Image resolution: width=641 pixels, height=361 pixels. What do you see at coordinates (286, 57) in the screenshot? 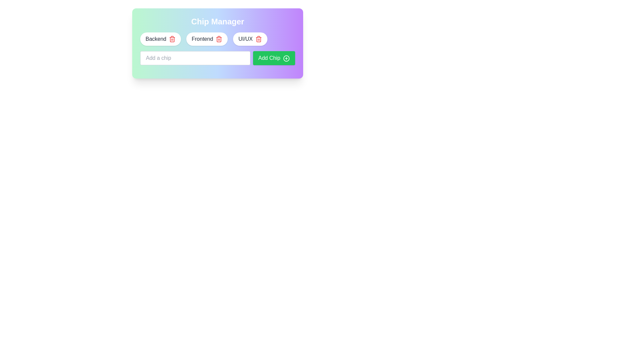
I see `the circular outline of the SVG graphic component within the 'Add Chip' button, which indicates the functionality of adding a chip` at bounding box center [286, 57].